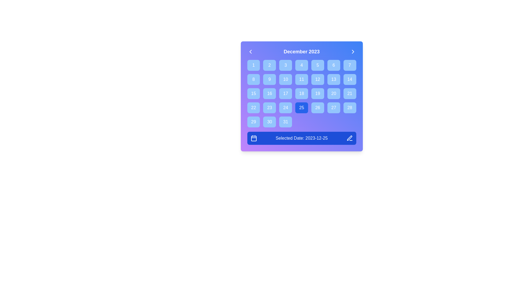  What do you see at coordinates (269, 79) in the screenshot?
I see `the interactive button representing a selectable date in the calendar grid` at bounding box center [269, 79].